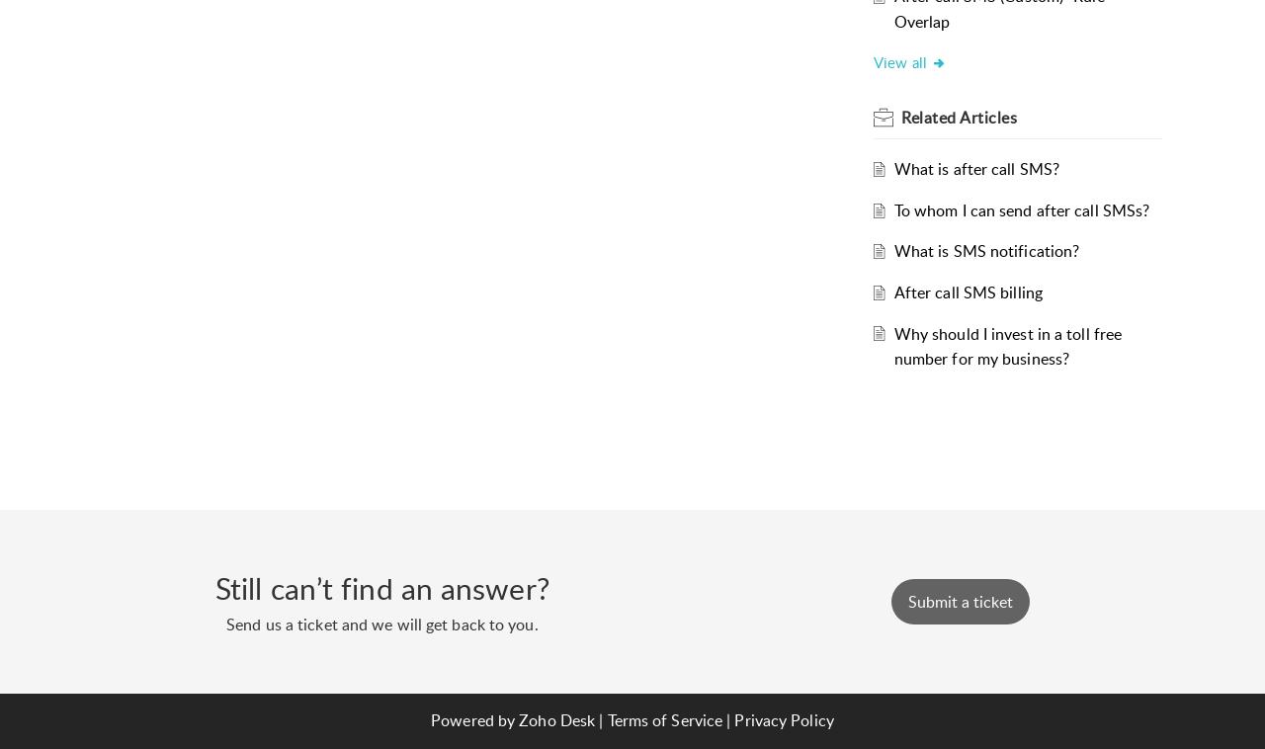 The width and height of the screenshot is (1265, 749). What do you see at coordinates (1007, 345) in the screenshot?
I see `'Why should I invest in a toll free number for my business?'` at bounding box center [1007, 345].